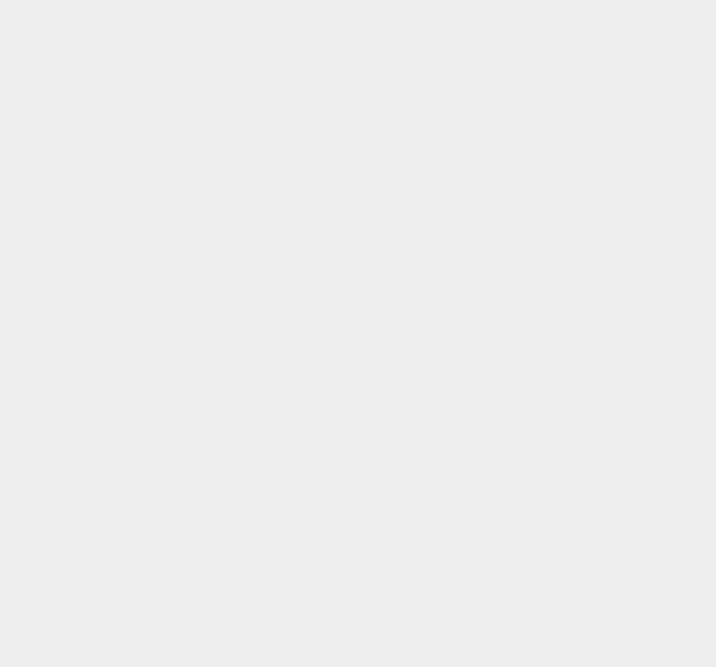 The height and width of the screenshot is (667, 716). What do you see at coordinates (520, 246) in the screenshot?
I see `'Nokia X'` at bounding box center [520, 246].